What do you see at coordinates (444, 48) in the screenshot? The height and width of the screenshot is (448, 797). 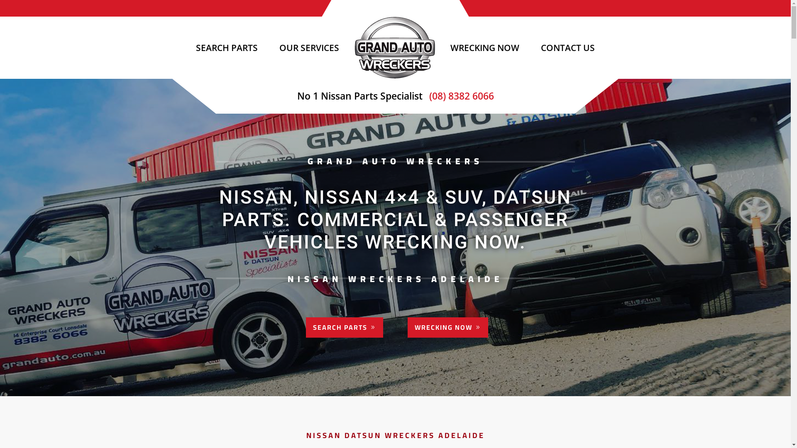 I see `'WRECKING NOW'` at bounding box center [444, 48].